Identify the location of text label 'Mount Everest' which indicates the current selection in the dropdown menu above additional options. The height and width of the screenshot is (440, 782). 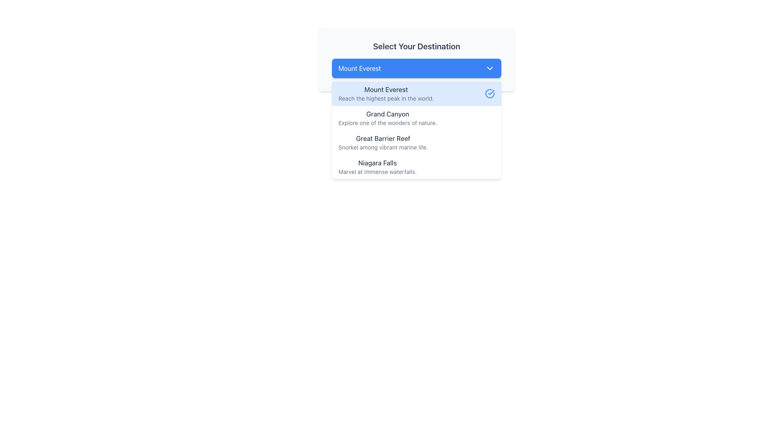
(359, 68).